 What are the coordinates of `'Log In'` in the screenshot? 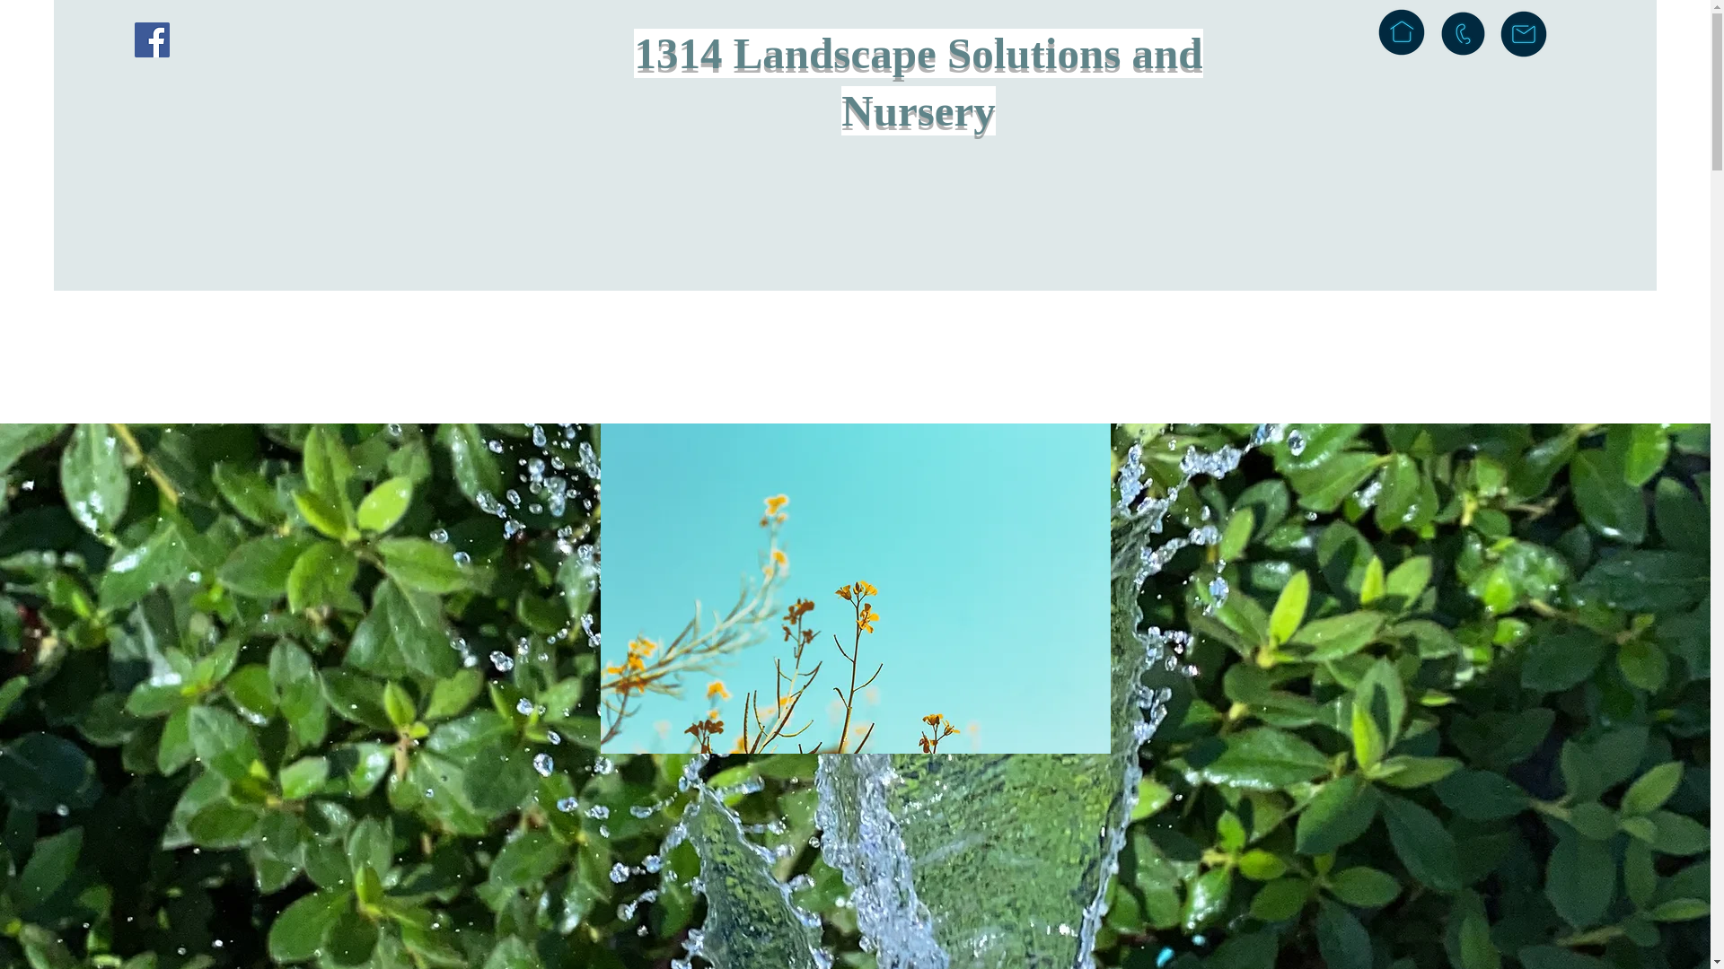 It's located at (1591, 40).